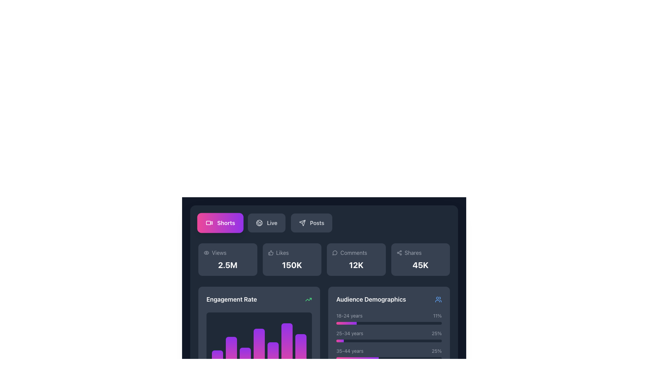 The image size is (651, 366). What do you see at coordinates (259, 223) in the screenshot?
I see `the design of the globe icon located to the left of the 'Live' text within the 'Live' button in the navigation bar` at bounding box center [259, 223].